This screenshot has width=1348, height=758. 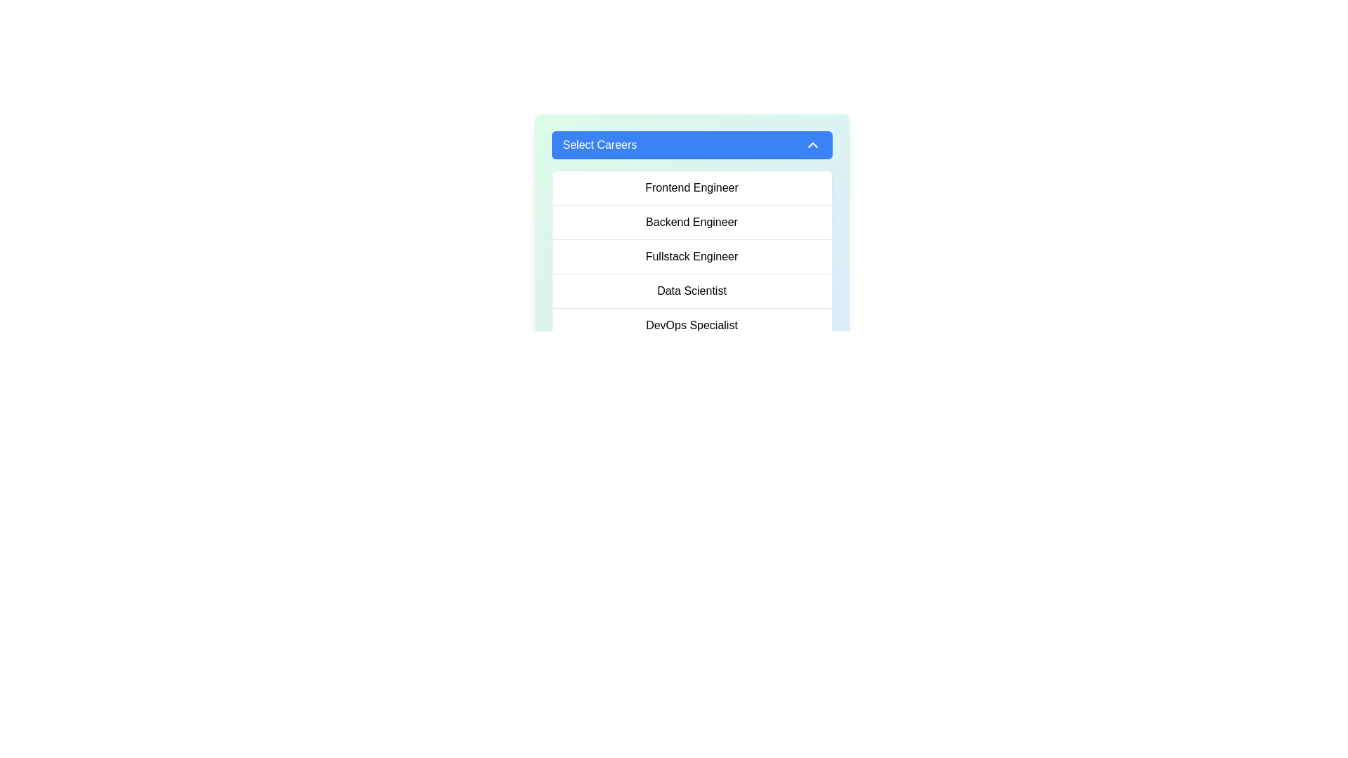 I want to click on on the 'DevOps Specialist' list item in the dropdown menu, so click(x=692, y=325).